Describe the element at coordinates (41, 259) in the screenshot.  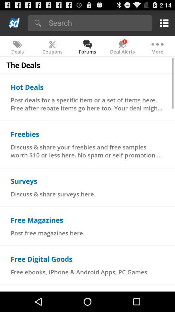
I see `the free digital goods icon` at that location.